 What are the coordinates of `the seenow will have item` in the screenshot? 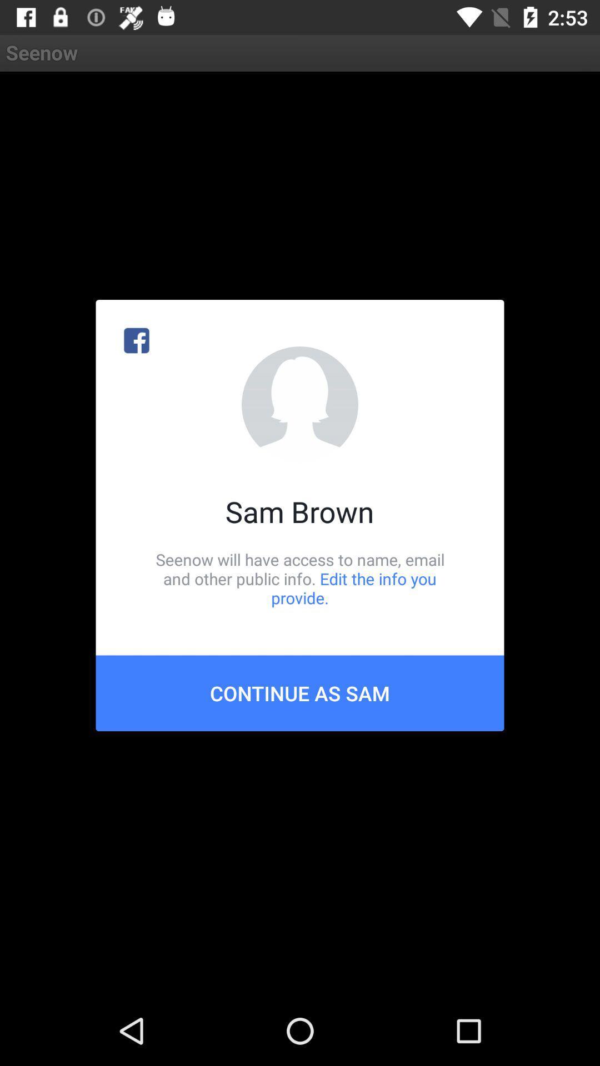 It's located at (300, 578).